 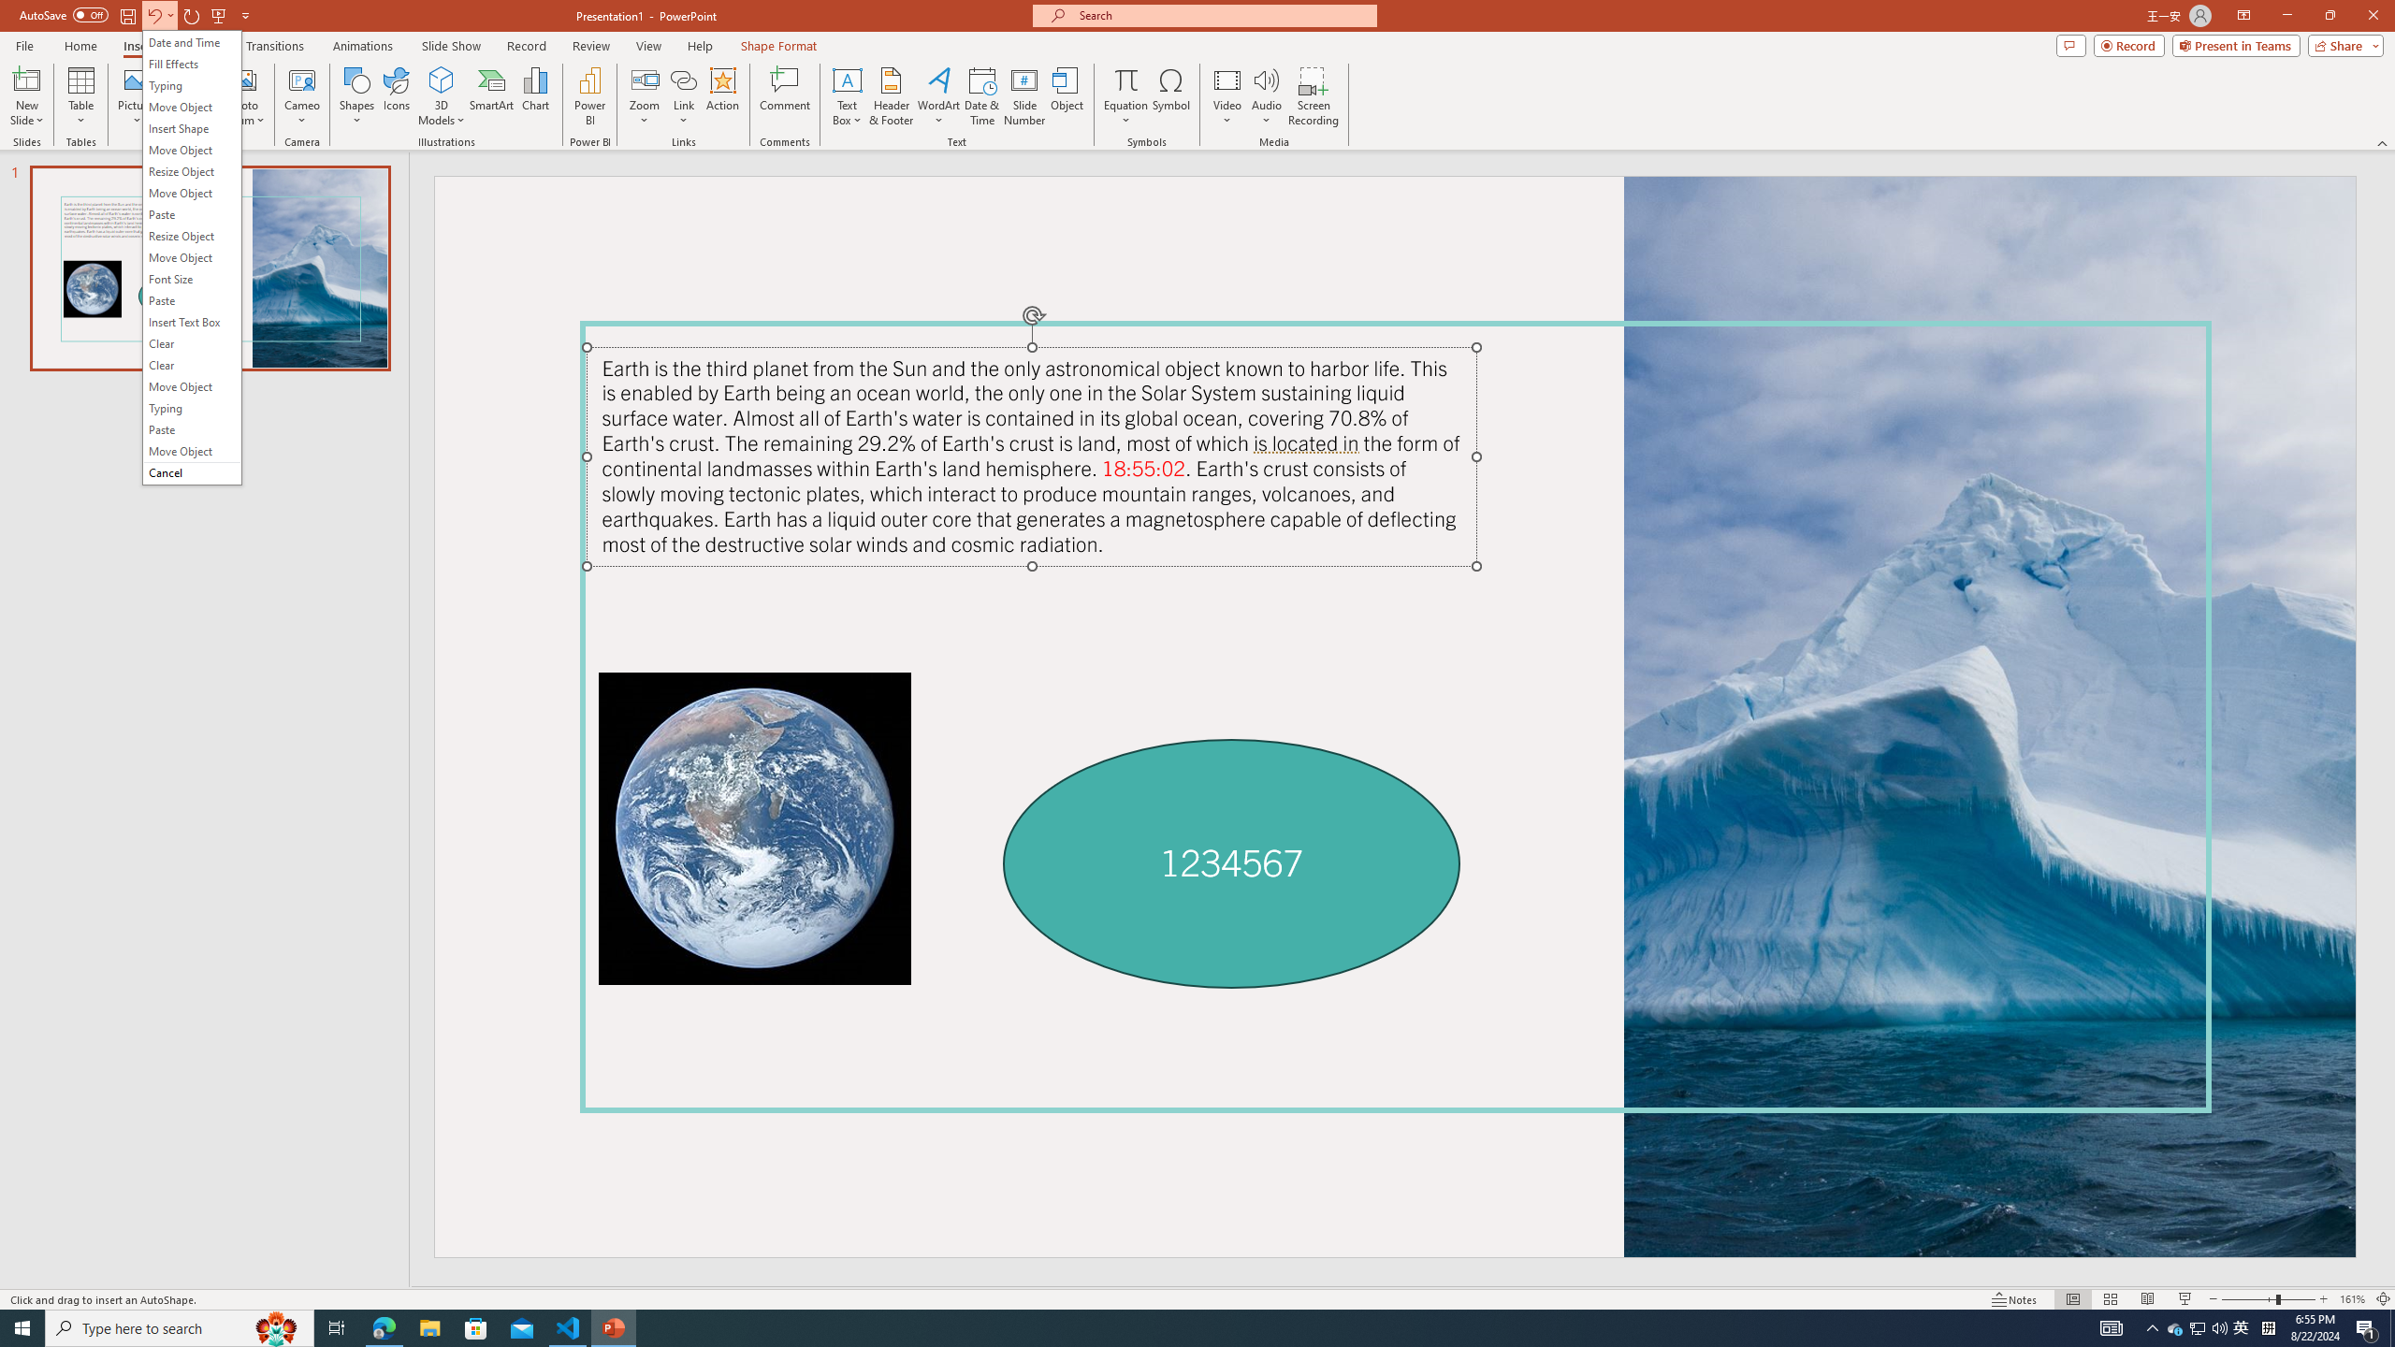 What do you see at coordinates (2367, 1326) in the screenshot?
I see `'Action Center, 1 new notification'` at bounding box center [2367, 1326].